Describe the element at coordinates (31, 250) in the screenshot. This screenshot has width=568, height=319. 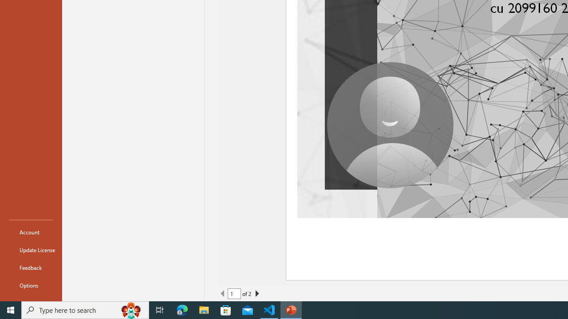
I see `'Update License'` at that location.